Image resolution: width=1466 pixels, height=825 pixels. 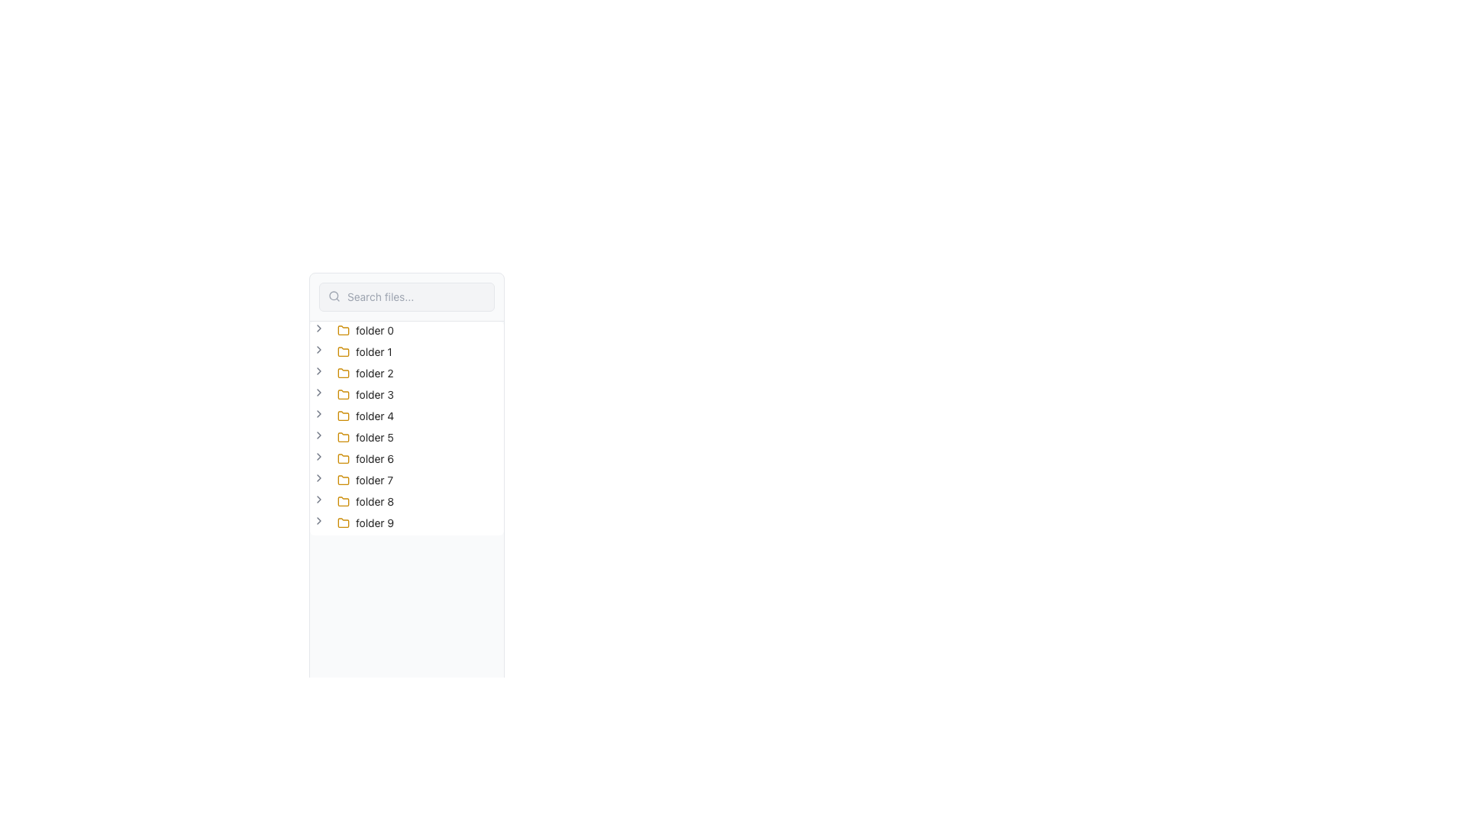 What do you see at coordinates (365, 501) in the screenshot?
I see `the folder entry in the hierarchical tree structure that is the eighth row, located below 'folder 7' and above 'folder 9'` at bounding box center [365, 501].